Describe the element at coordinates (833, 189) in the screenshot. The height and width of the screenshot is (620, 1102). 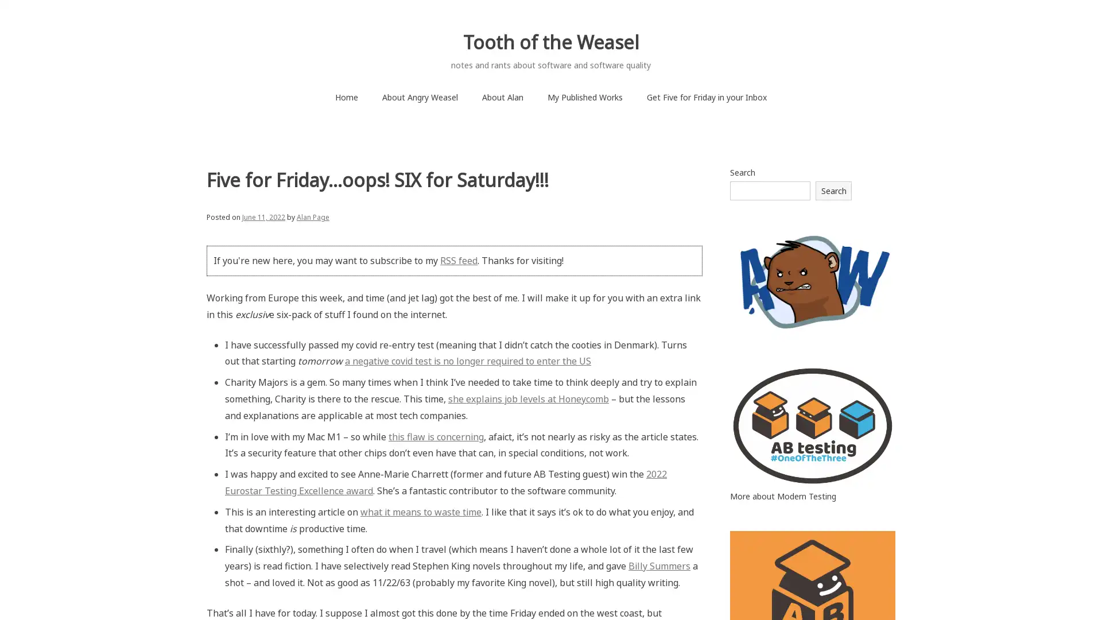
I see `Search` at that location.